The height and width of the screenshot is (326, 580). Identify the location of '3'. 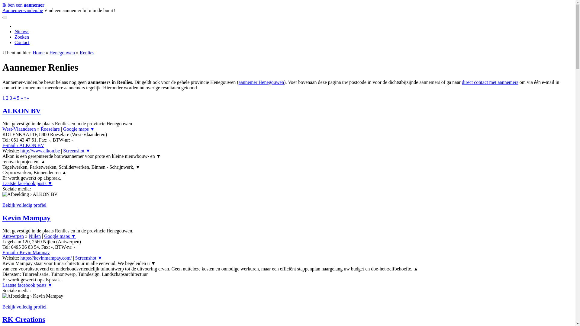
(11, 97).